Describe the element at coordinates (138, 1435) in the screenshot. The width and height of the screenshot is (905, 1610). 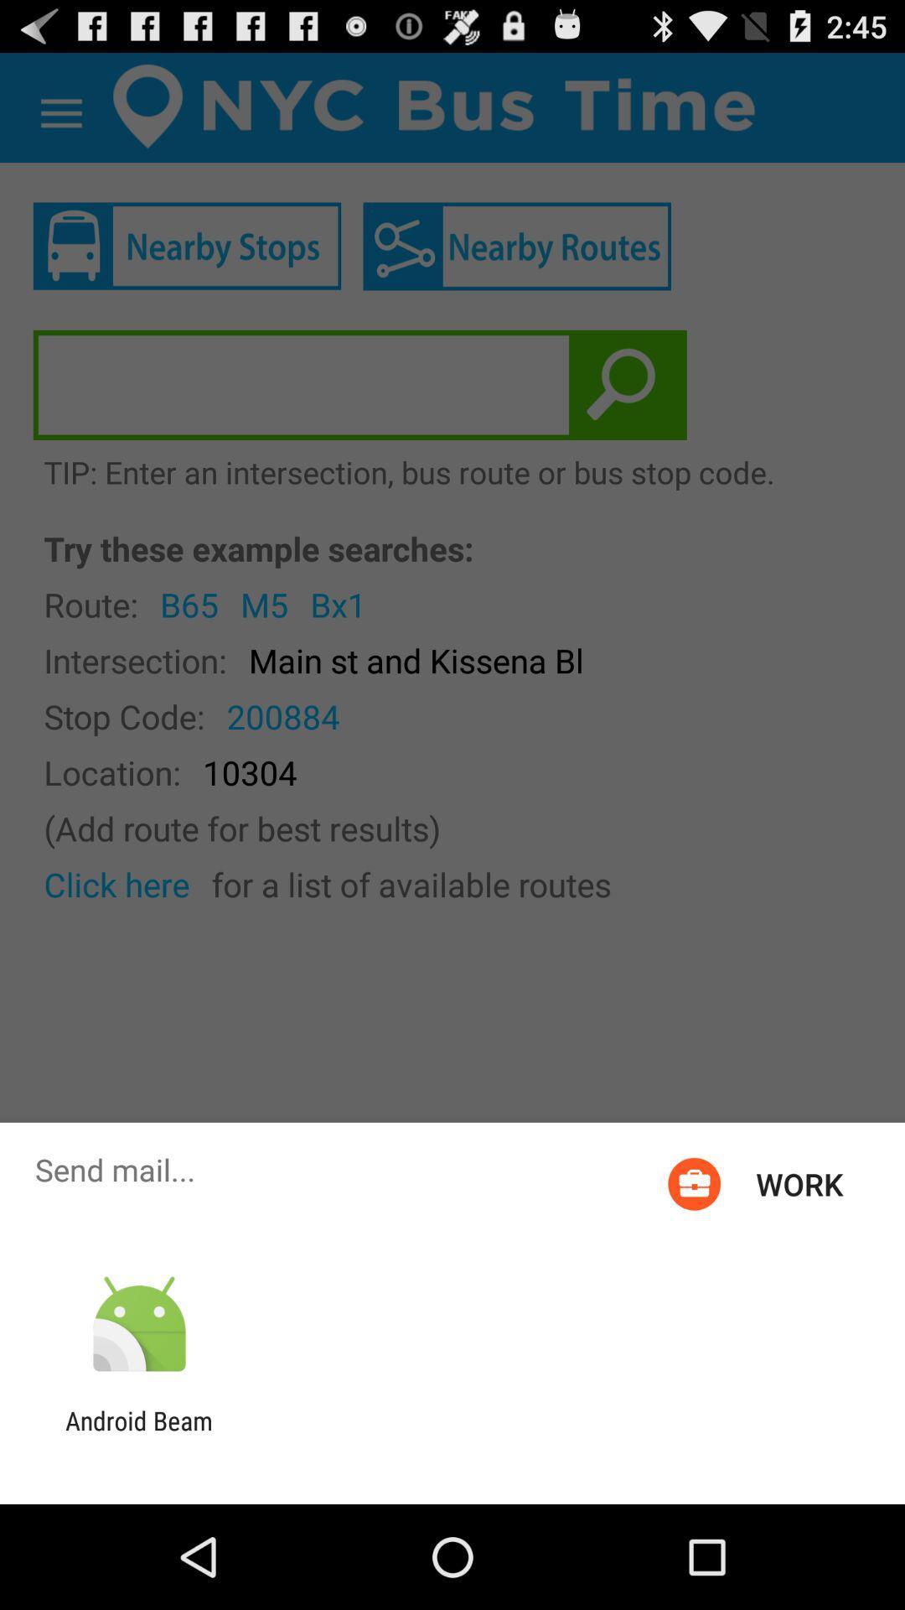
I see `android beam app` at that location.